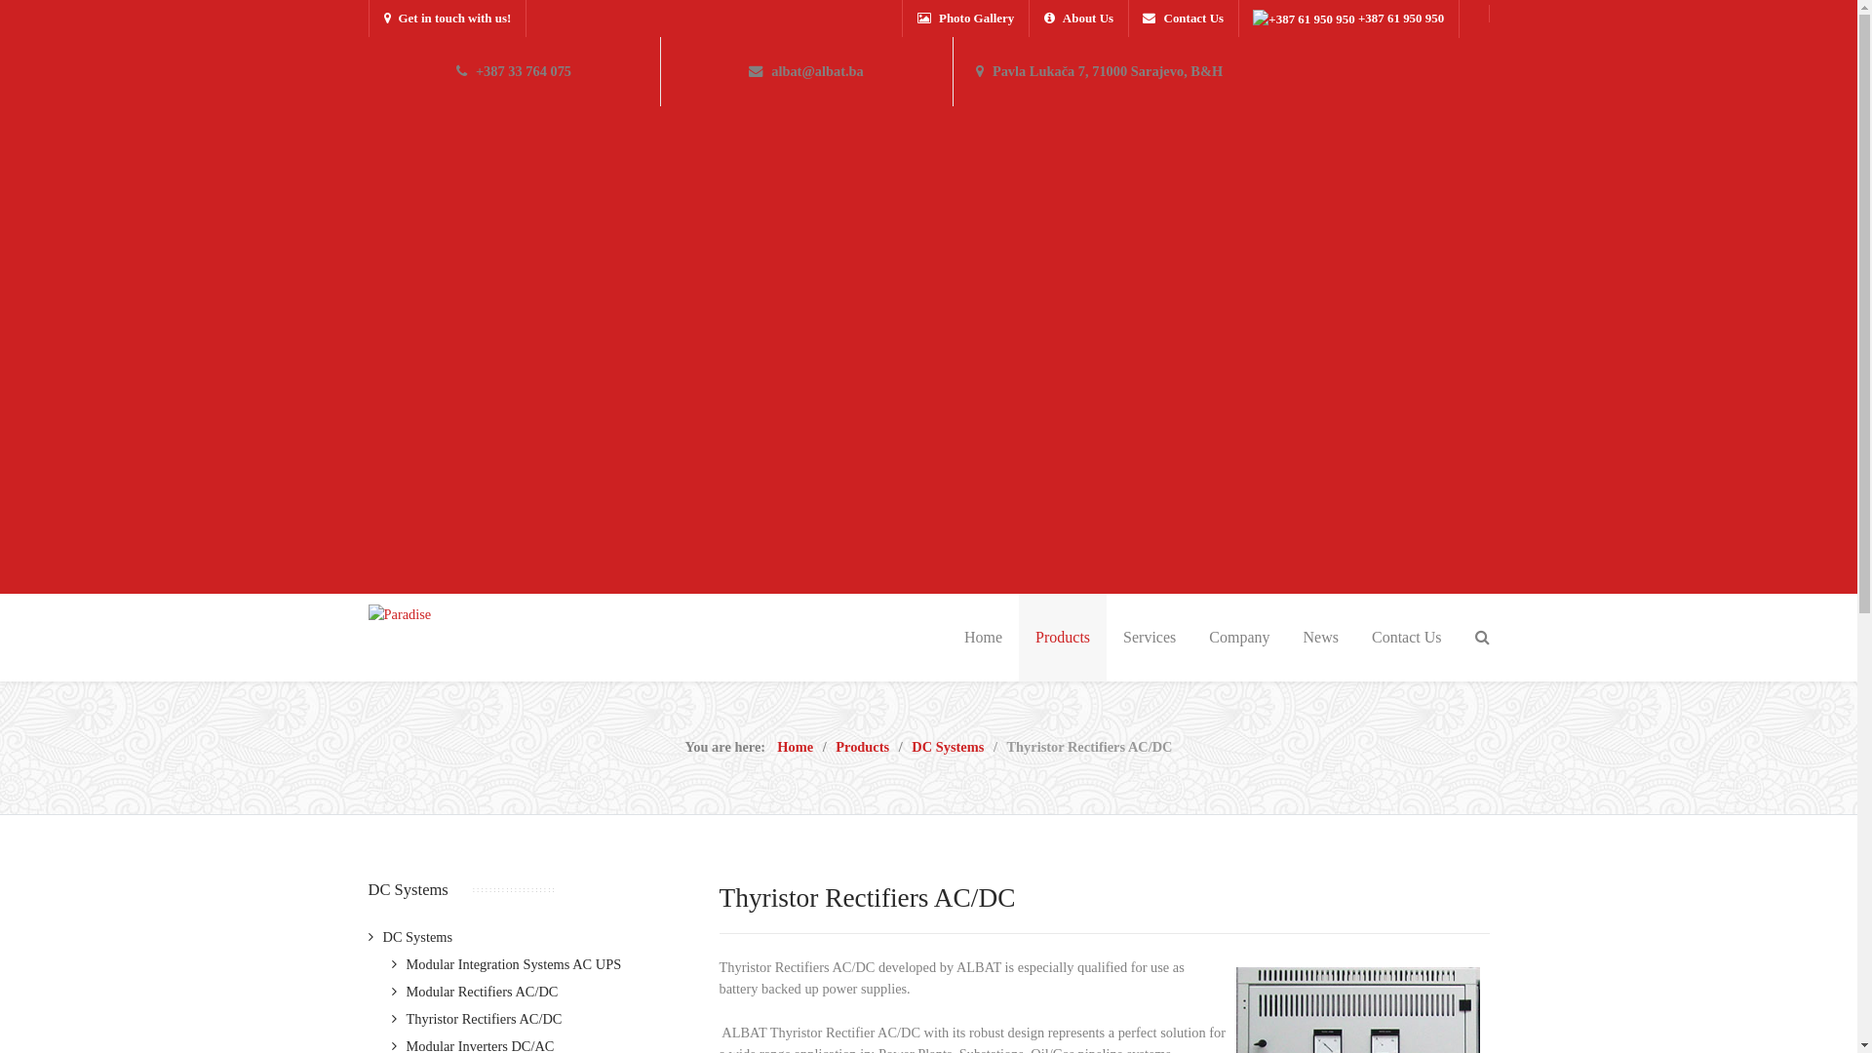 Image resolution: width=1872 pixels, height=1053 pixels. I want to click on 'DC Systems', so click(409, 935).